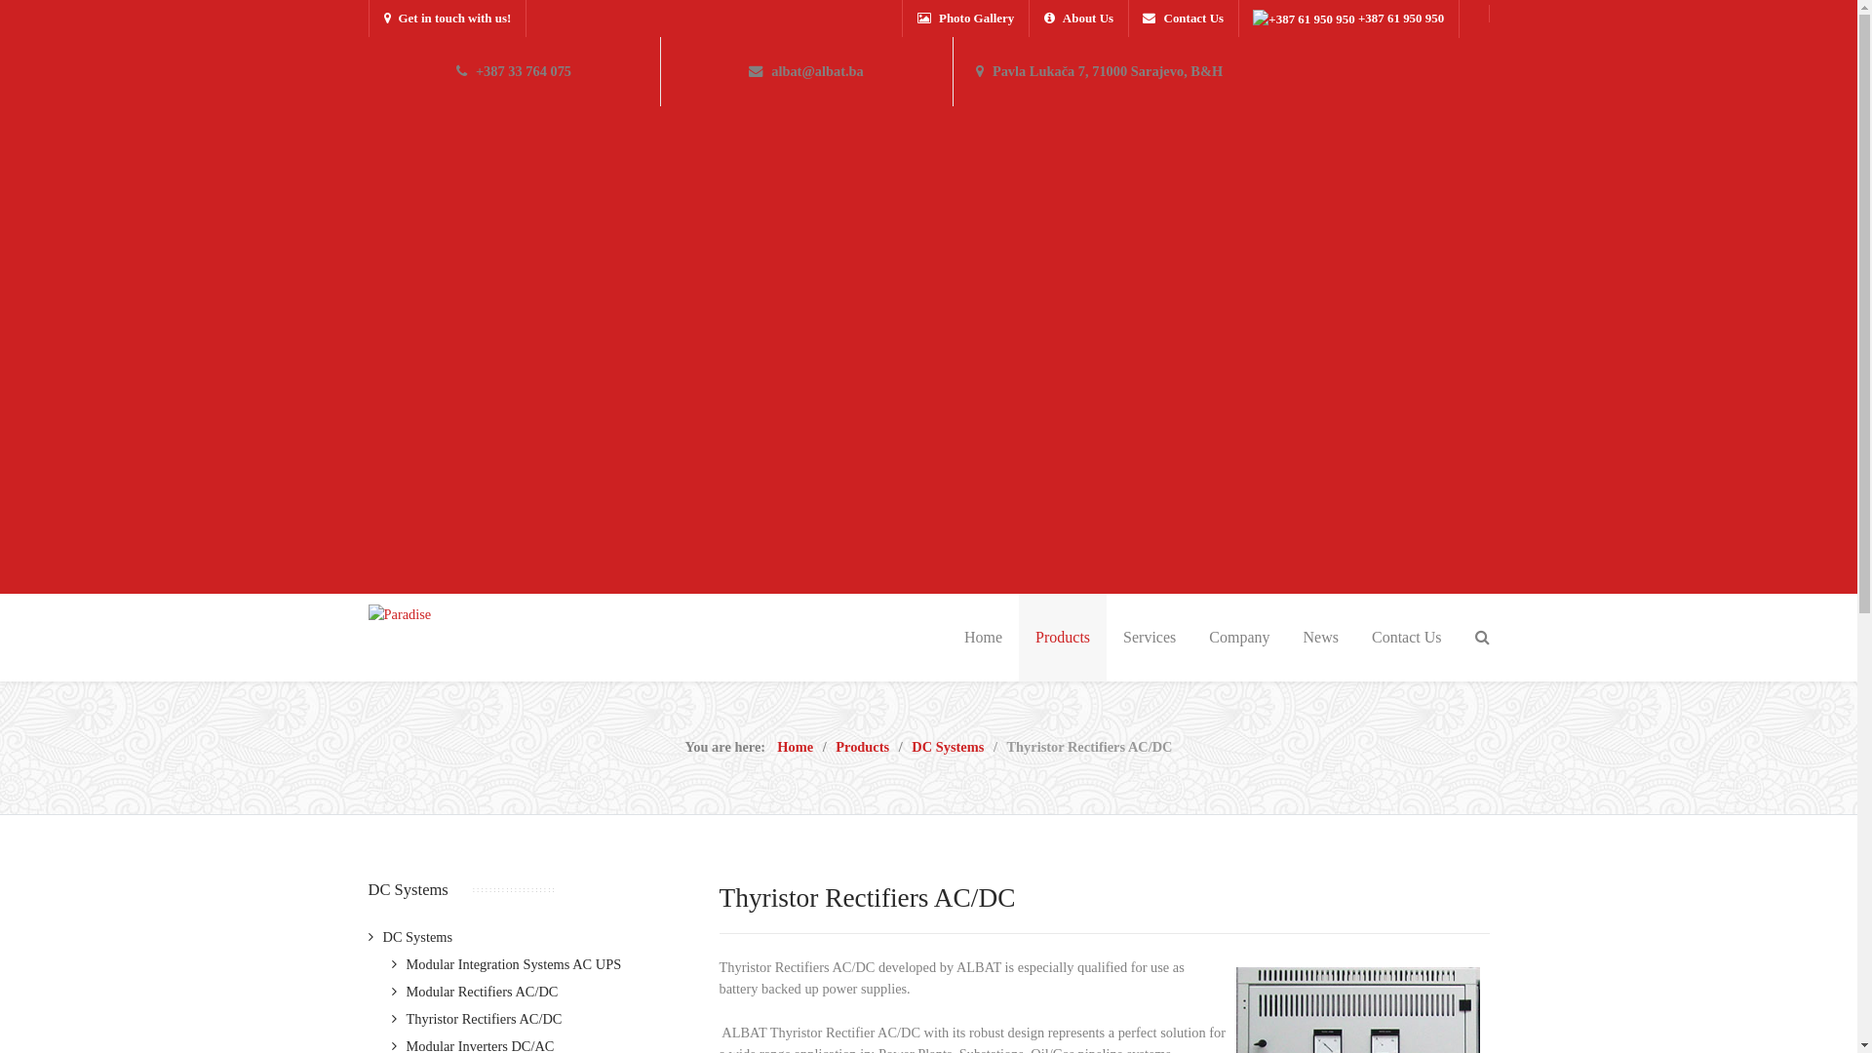 Image resolution: width=1872 pixels, height=1053 pixels. I want to click on 'DC Systems', so click(409, 935).